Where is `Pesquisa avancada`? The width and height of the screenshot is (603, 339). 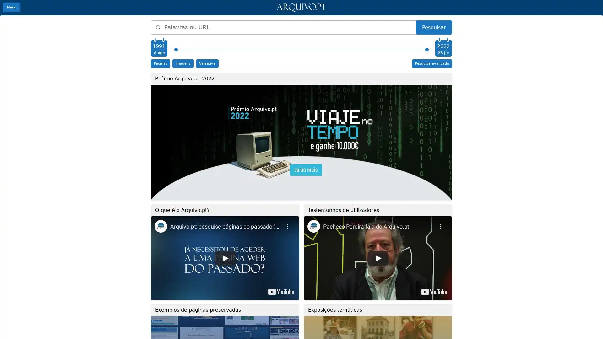
Pesquisa avancada is located at coordinates (432, 63).